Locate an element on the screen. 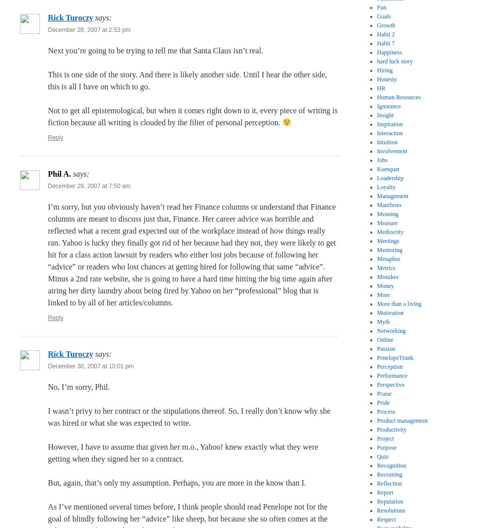  'Involvement' is located at coordinates (392, 151).